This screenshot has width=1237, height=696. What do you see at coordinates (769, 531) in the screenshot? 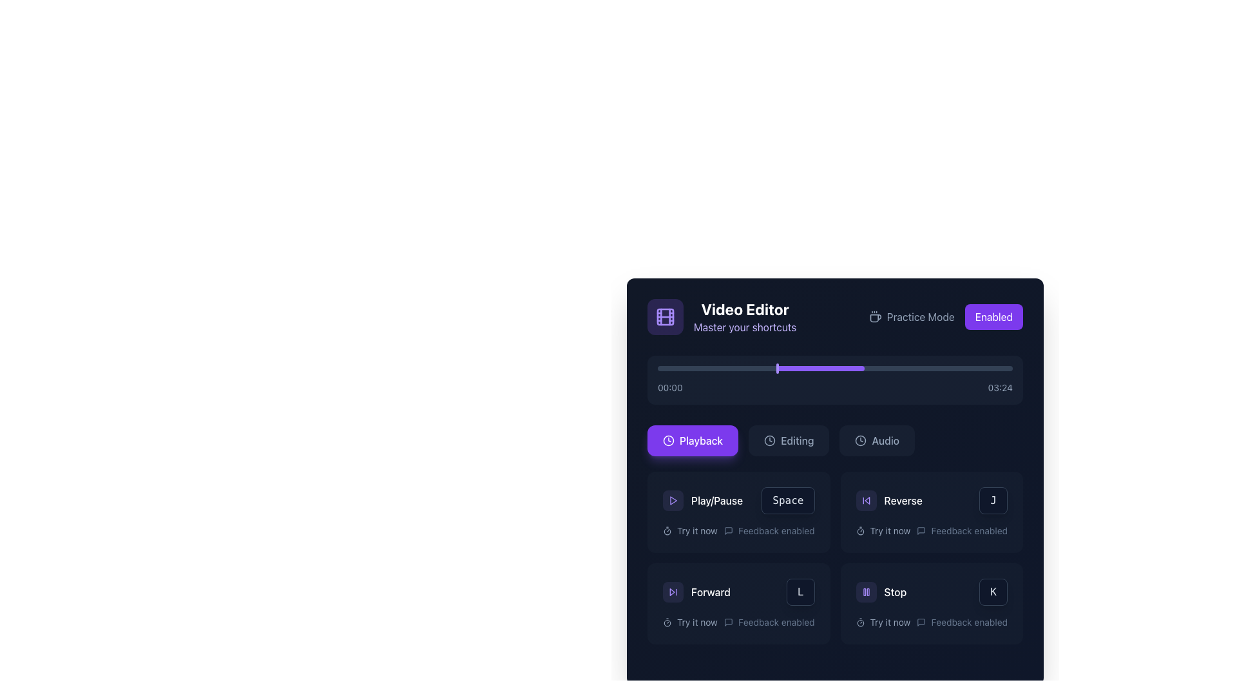
I see `the 'Feedback enabled' label with the accompanying message icon located in the 'Try it now' section of the video editor interface` at bounding box center [769, 531].